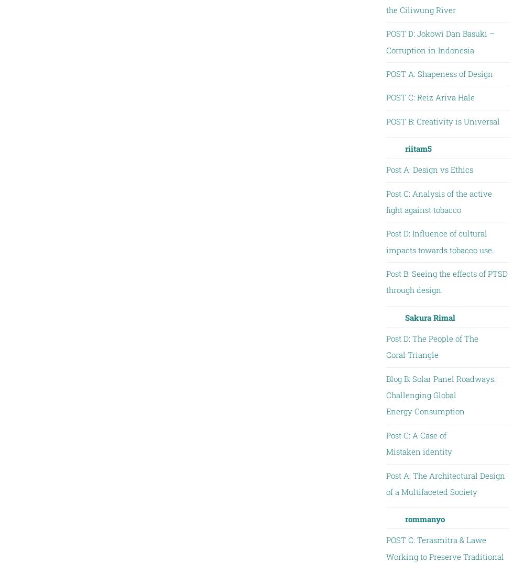  Describe the element at coordinates (385, 394) in the screenshot. I see `'Blog B: Solar Panel Roadways: Challenging Global Energy Consumption'` at that location.